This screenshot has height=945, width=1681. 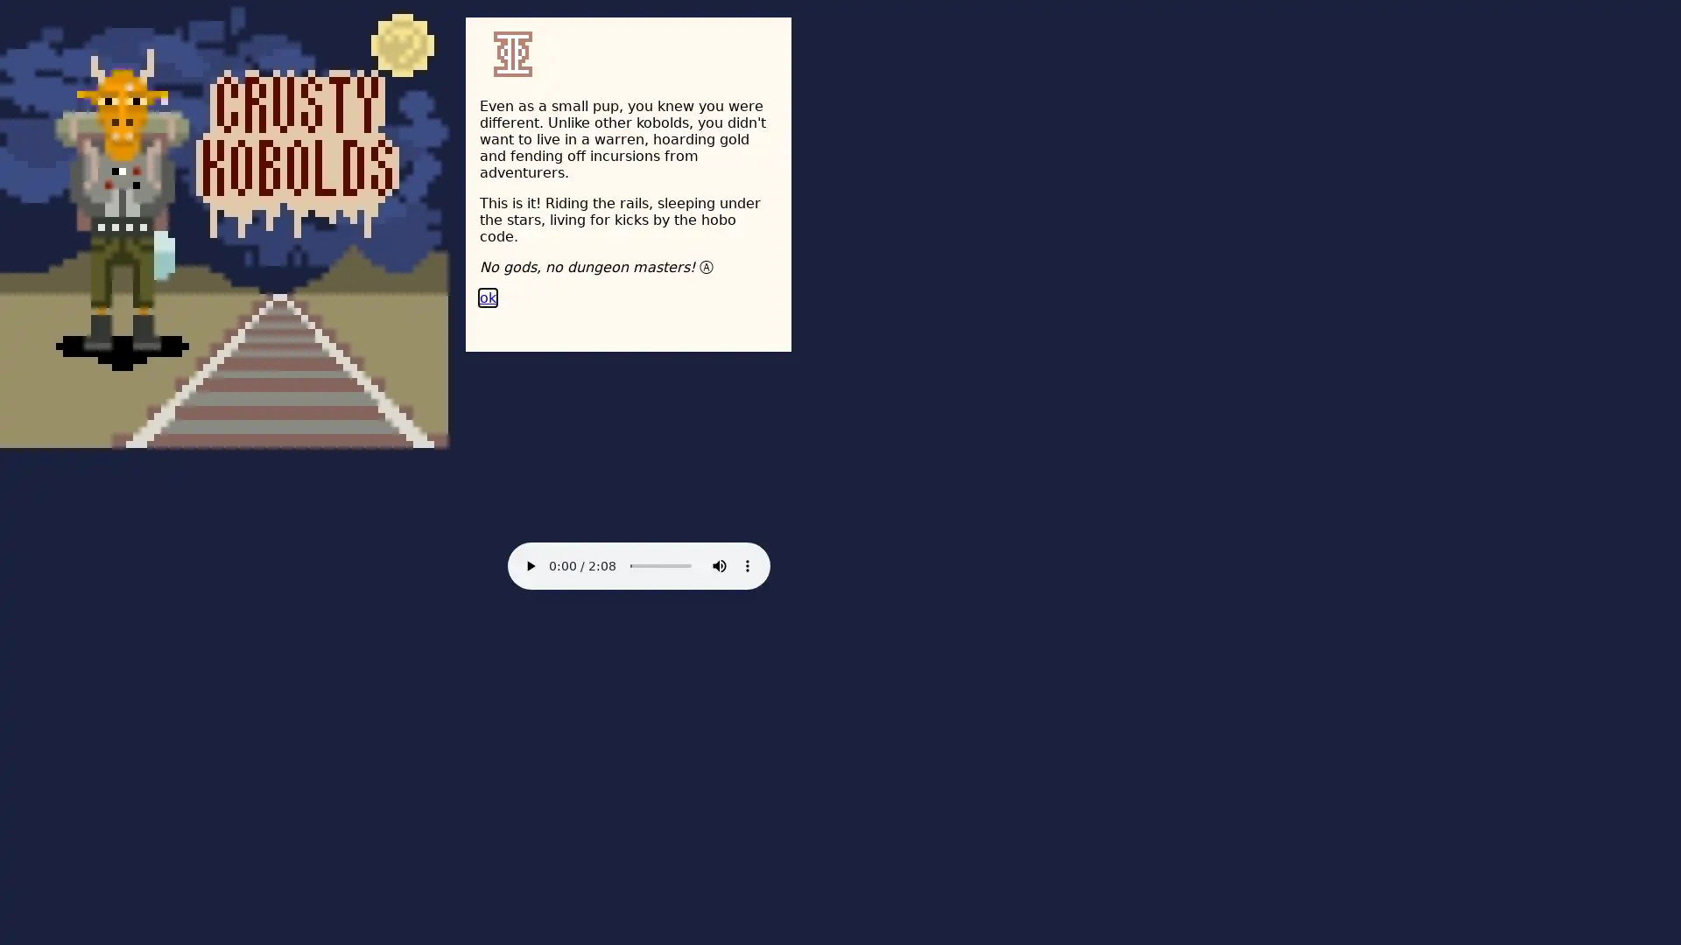 I want to click on show more media controls, so click(x=748, y=566).